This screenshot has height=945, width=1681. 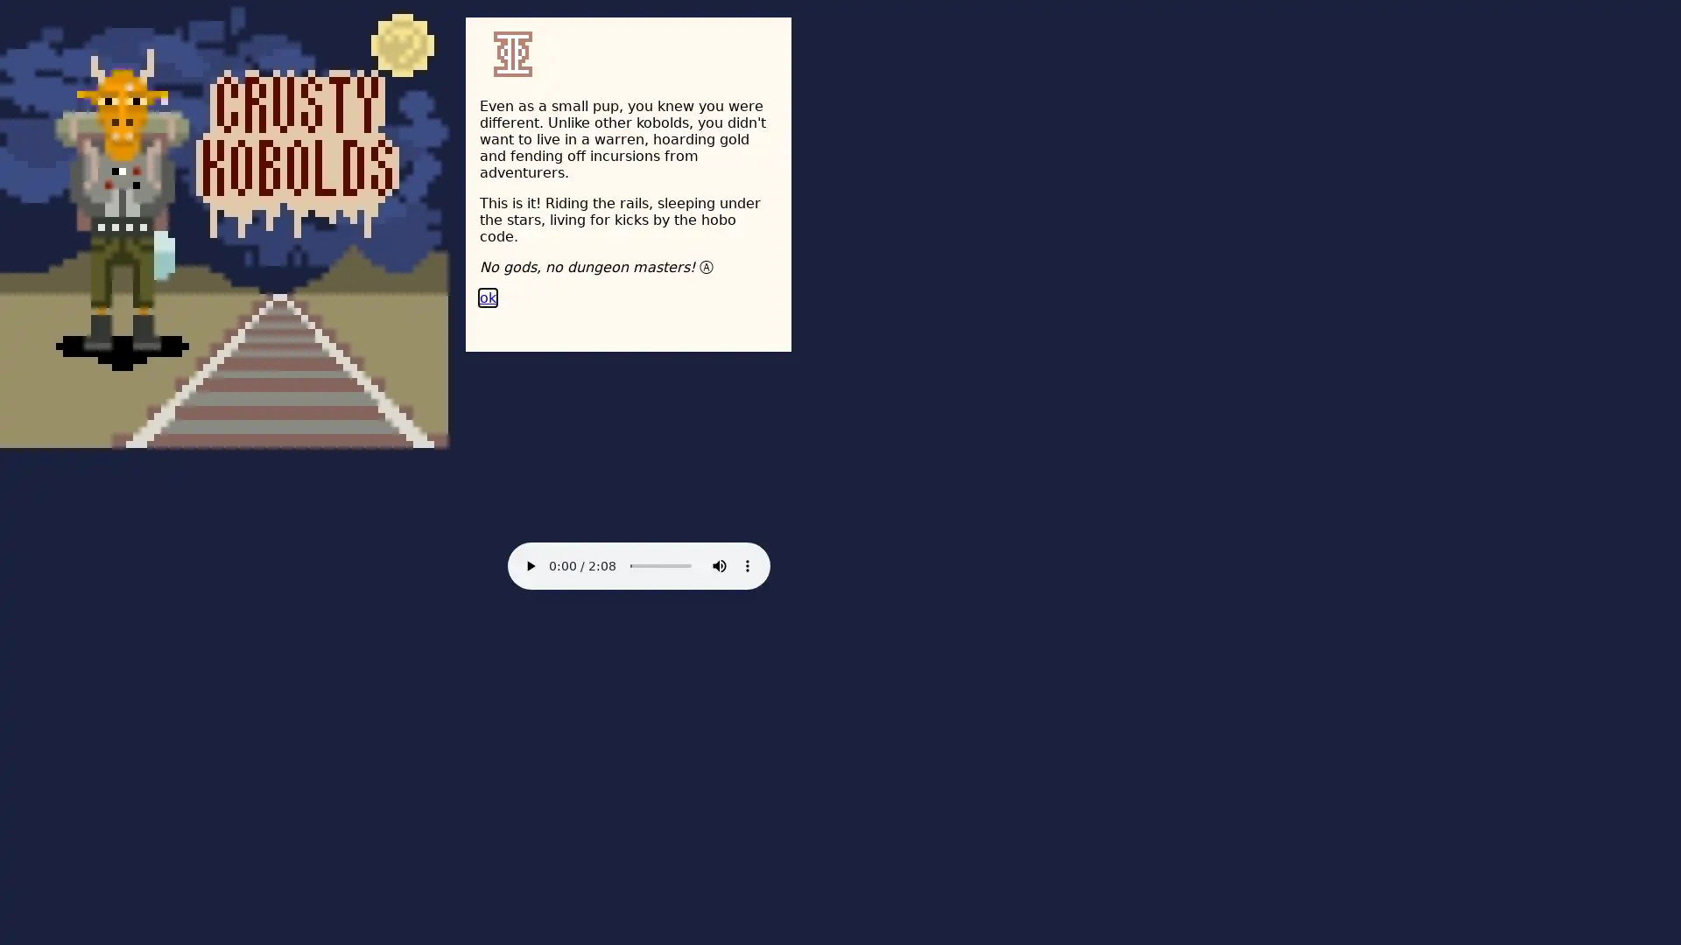 I want to click on show more media controls, so click(x=748, y=566).